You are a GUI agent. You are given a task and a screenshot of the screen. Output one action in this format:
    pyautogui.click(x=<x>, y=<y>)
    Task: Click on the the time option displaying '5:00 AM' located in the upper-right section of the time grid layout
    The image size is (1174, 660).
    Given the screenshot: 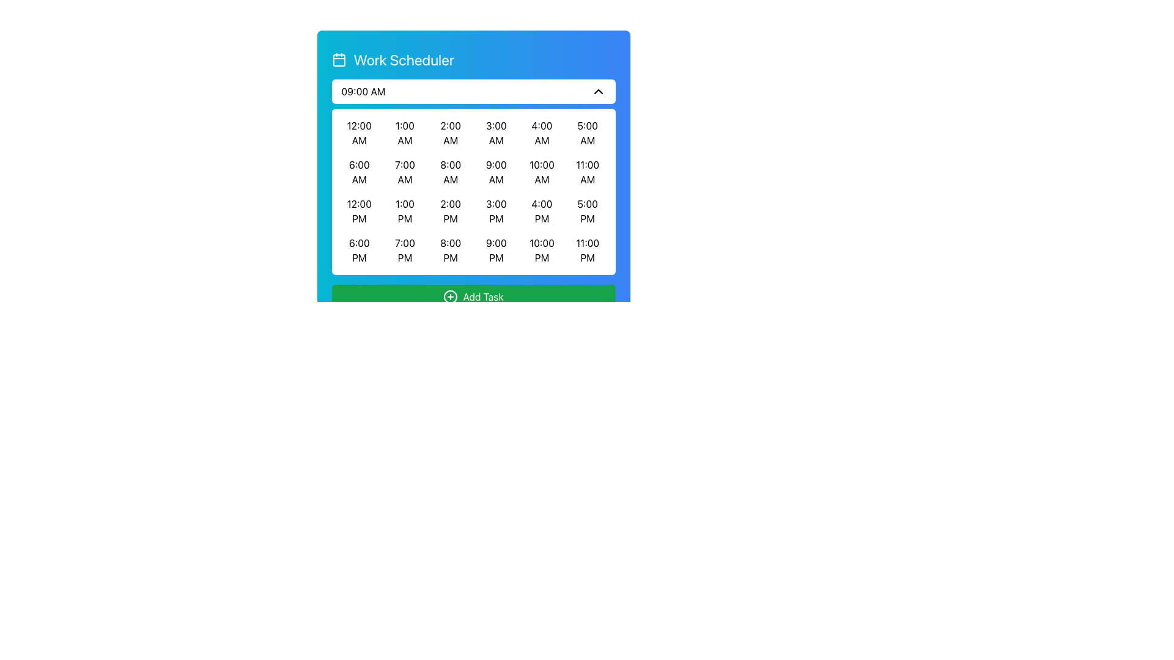 What is the action you would take?
    pyautogui.click(x=588, y=133)
    